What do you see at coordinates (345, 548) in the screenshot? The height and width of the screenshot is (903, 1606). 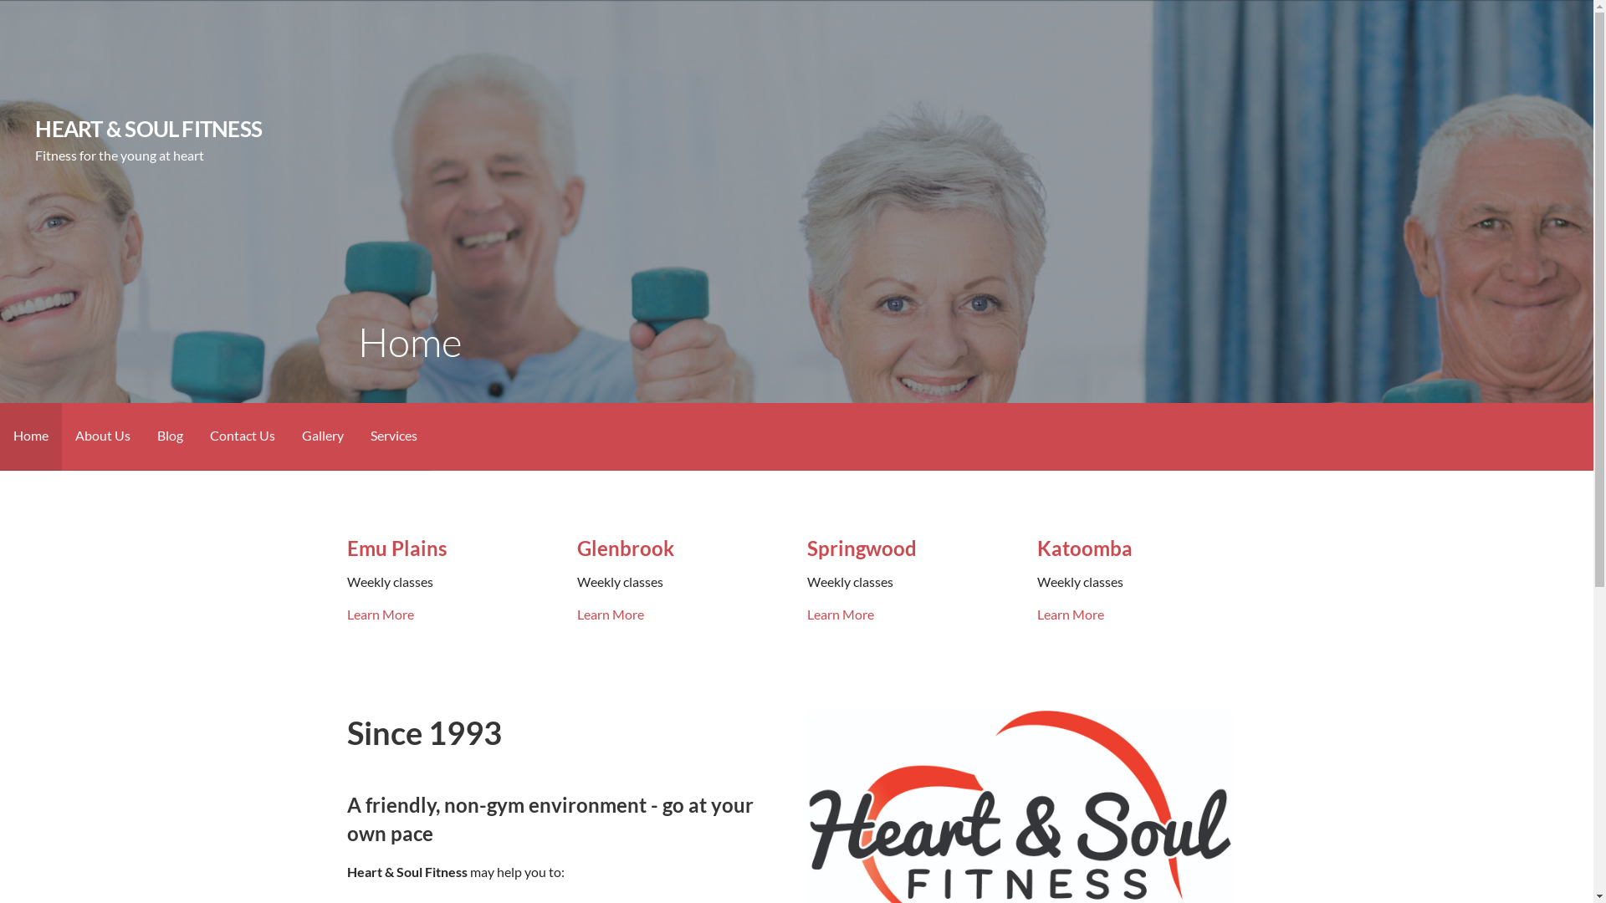 I see `'Emu Plains'` at bounding box center [345, 548].